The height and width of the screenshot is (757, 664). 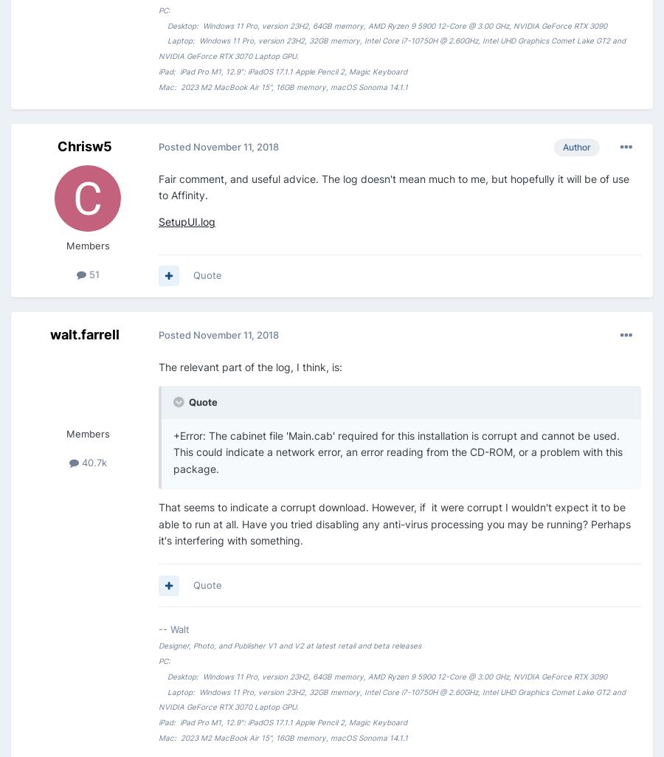 What do you see at coordinates (159, 644) in the screenshot?
I see `'Designer, Photo, and Publisher V1 and V2 at latest retail and beta releases'` at bounding box center [159, 644].